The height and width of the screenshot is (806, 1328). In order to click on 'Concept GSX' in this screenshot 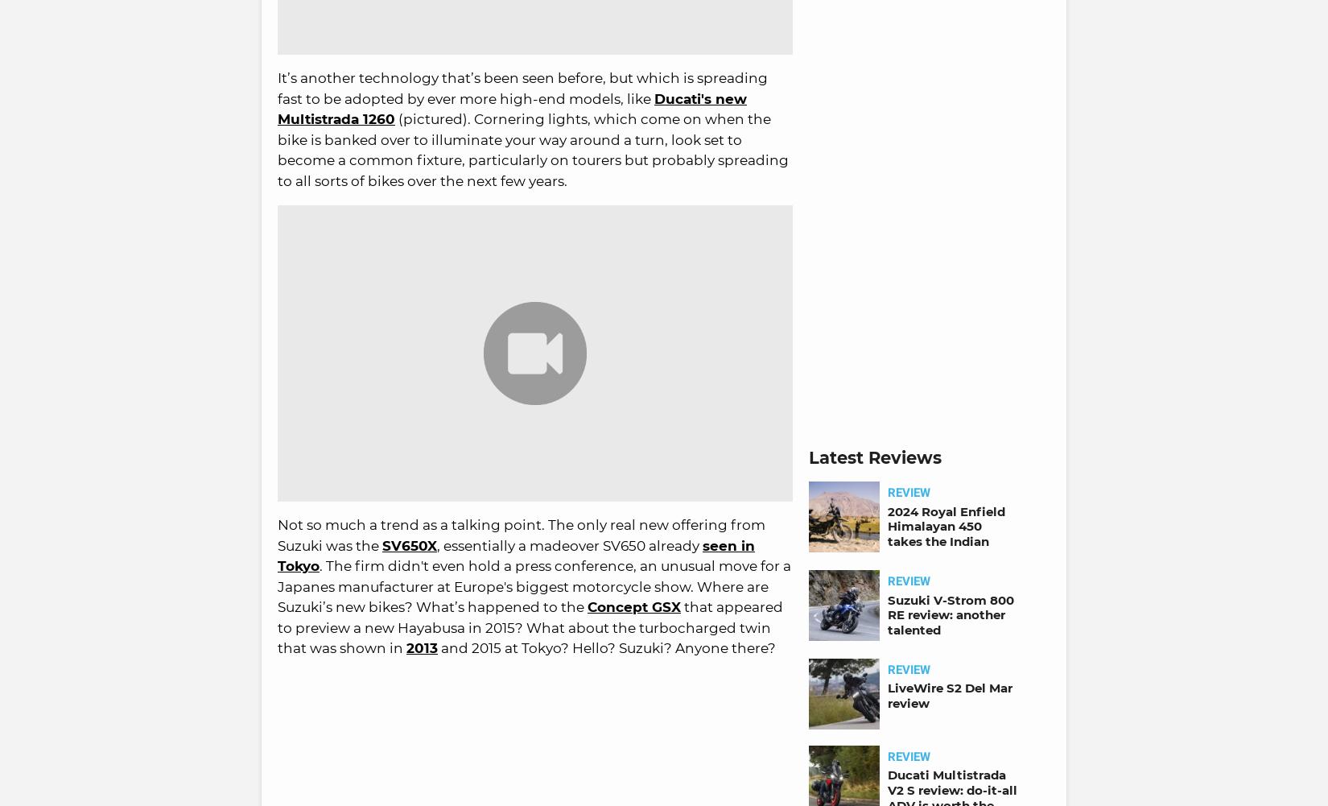, I will do `click(633, 606)`.